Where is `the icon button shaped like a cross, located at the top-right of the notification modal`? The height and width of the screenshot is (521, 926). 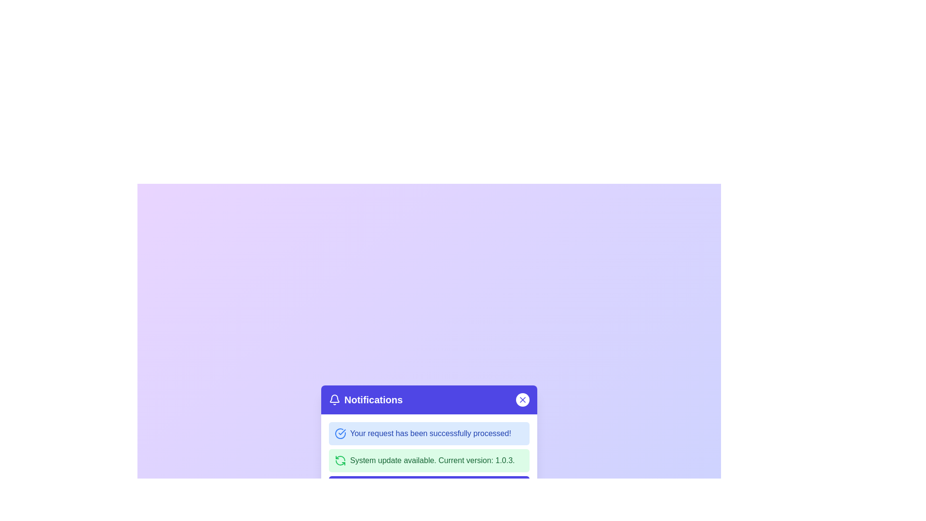
the icon button shaped like a cross, located at the top-right of the notification modal is located at coordinates (522, 400).